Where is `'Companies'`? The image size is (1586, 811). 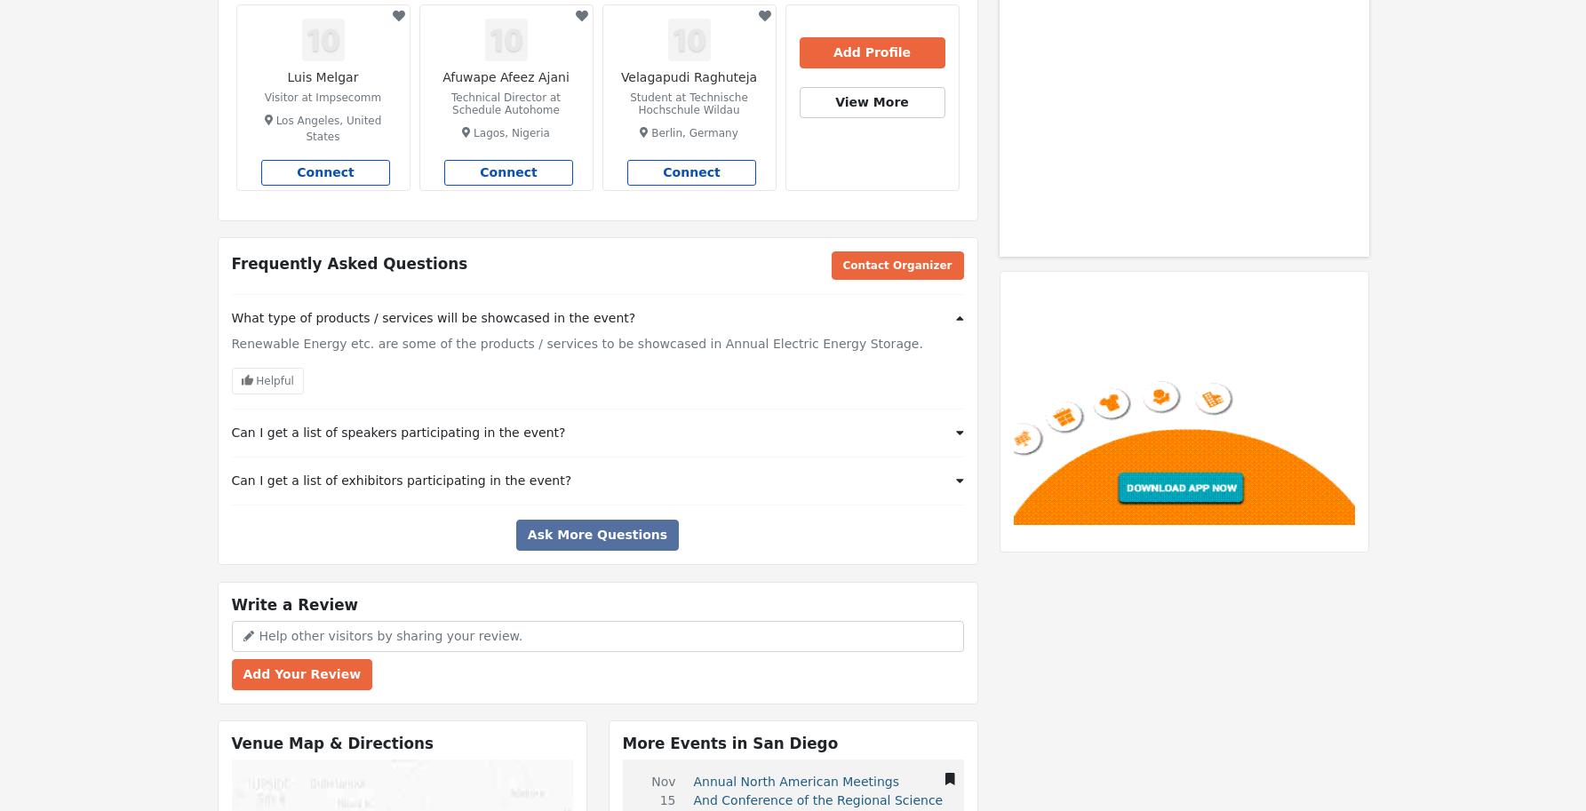
'Companies' is located at coordinates (1119, 37).